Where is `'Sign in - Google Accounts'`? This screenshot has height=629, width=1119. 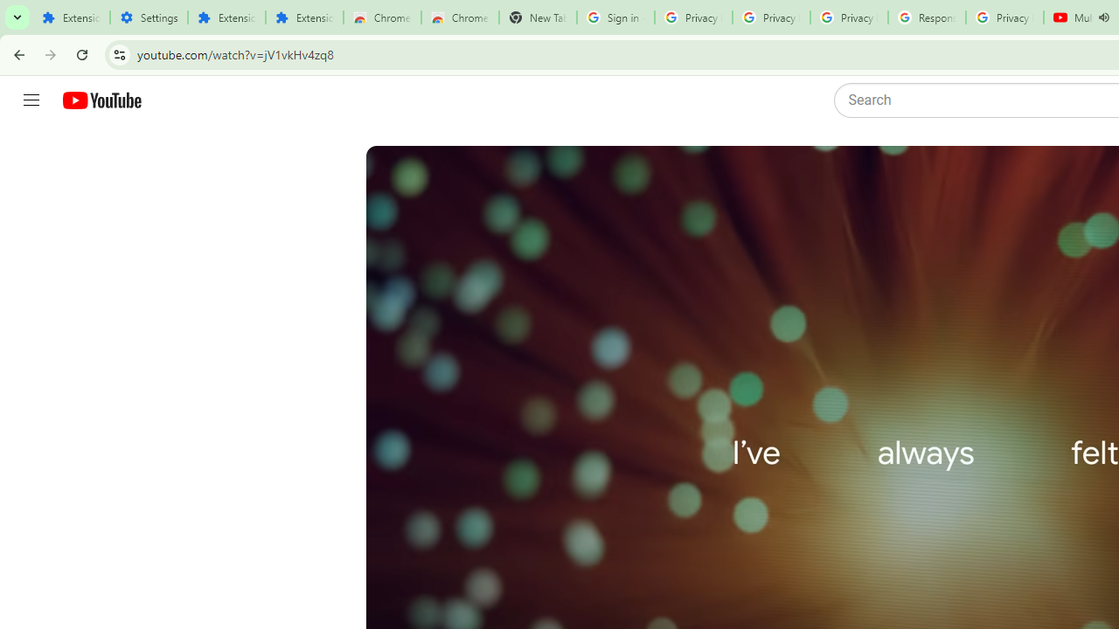 'Sign in - Google Accounts' is located at coordinates (615, 17).